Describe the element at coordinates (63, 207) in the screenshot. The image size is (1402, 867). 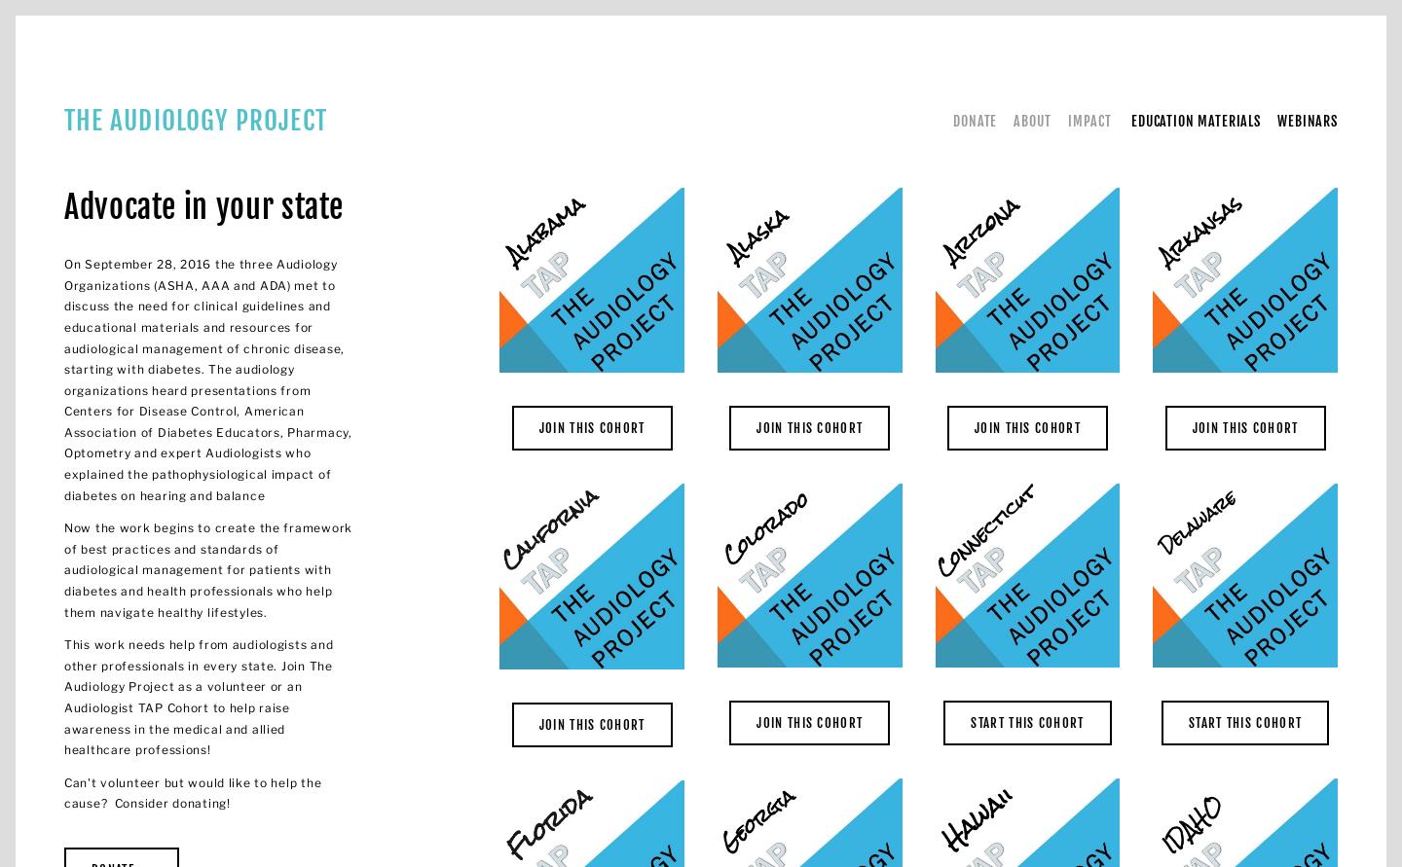
I see `'Advocate in your state'` at that location.